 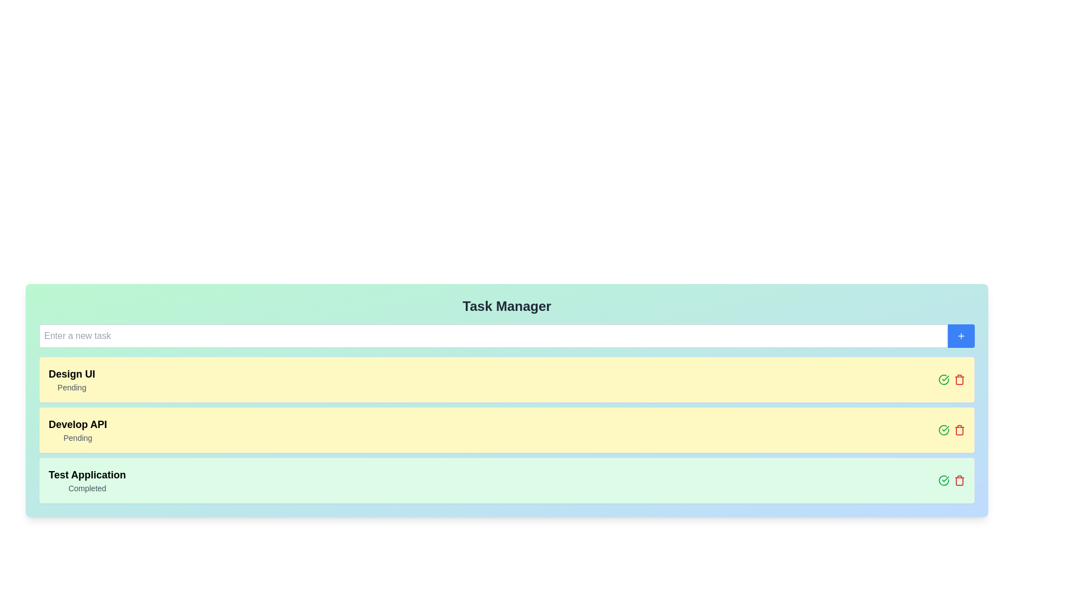 I want to click on delete button for the task 'Develop API', so click(x=959, y=429).